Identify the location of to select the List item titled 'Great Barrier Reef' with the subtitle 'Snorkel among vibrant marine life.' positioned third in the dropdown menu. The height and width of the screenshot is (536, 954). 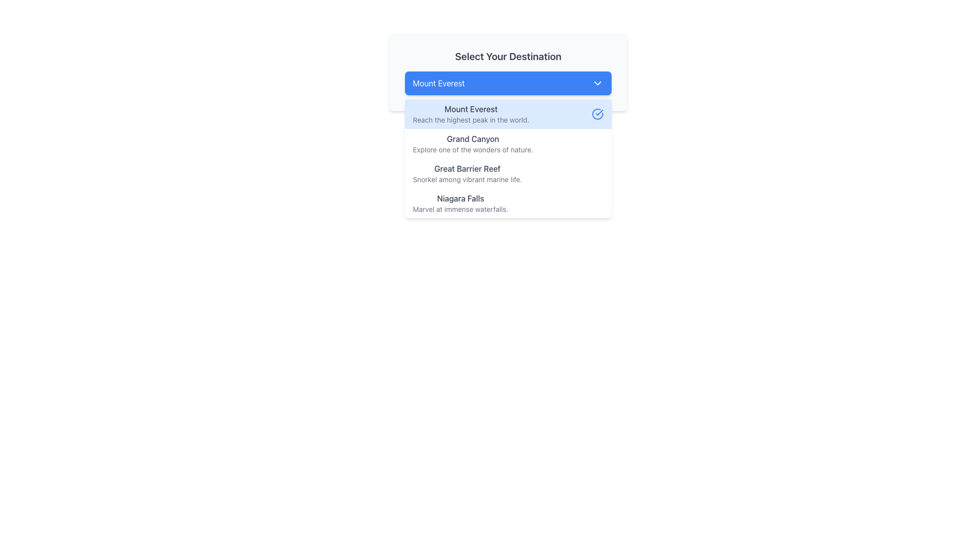
(508, 173).